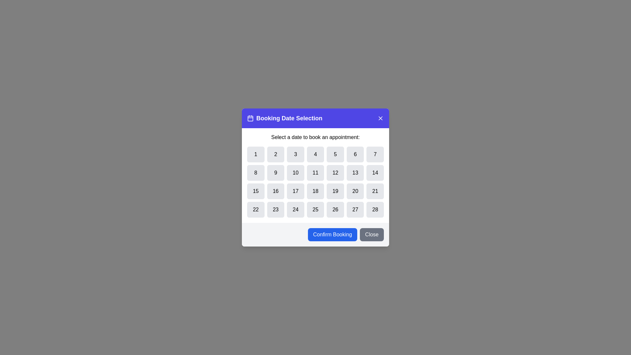 Image resolution: width=631 pixels, height=355 pixels. Describe the element at coordinates (372, 234) in the screenshot. I see `the 'Close' button to close the dialog` at that location.